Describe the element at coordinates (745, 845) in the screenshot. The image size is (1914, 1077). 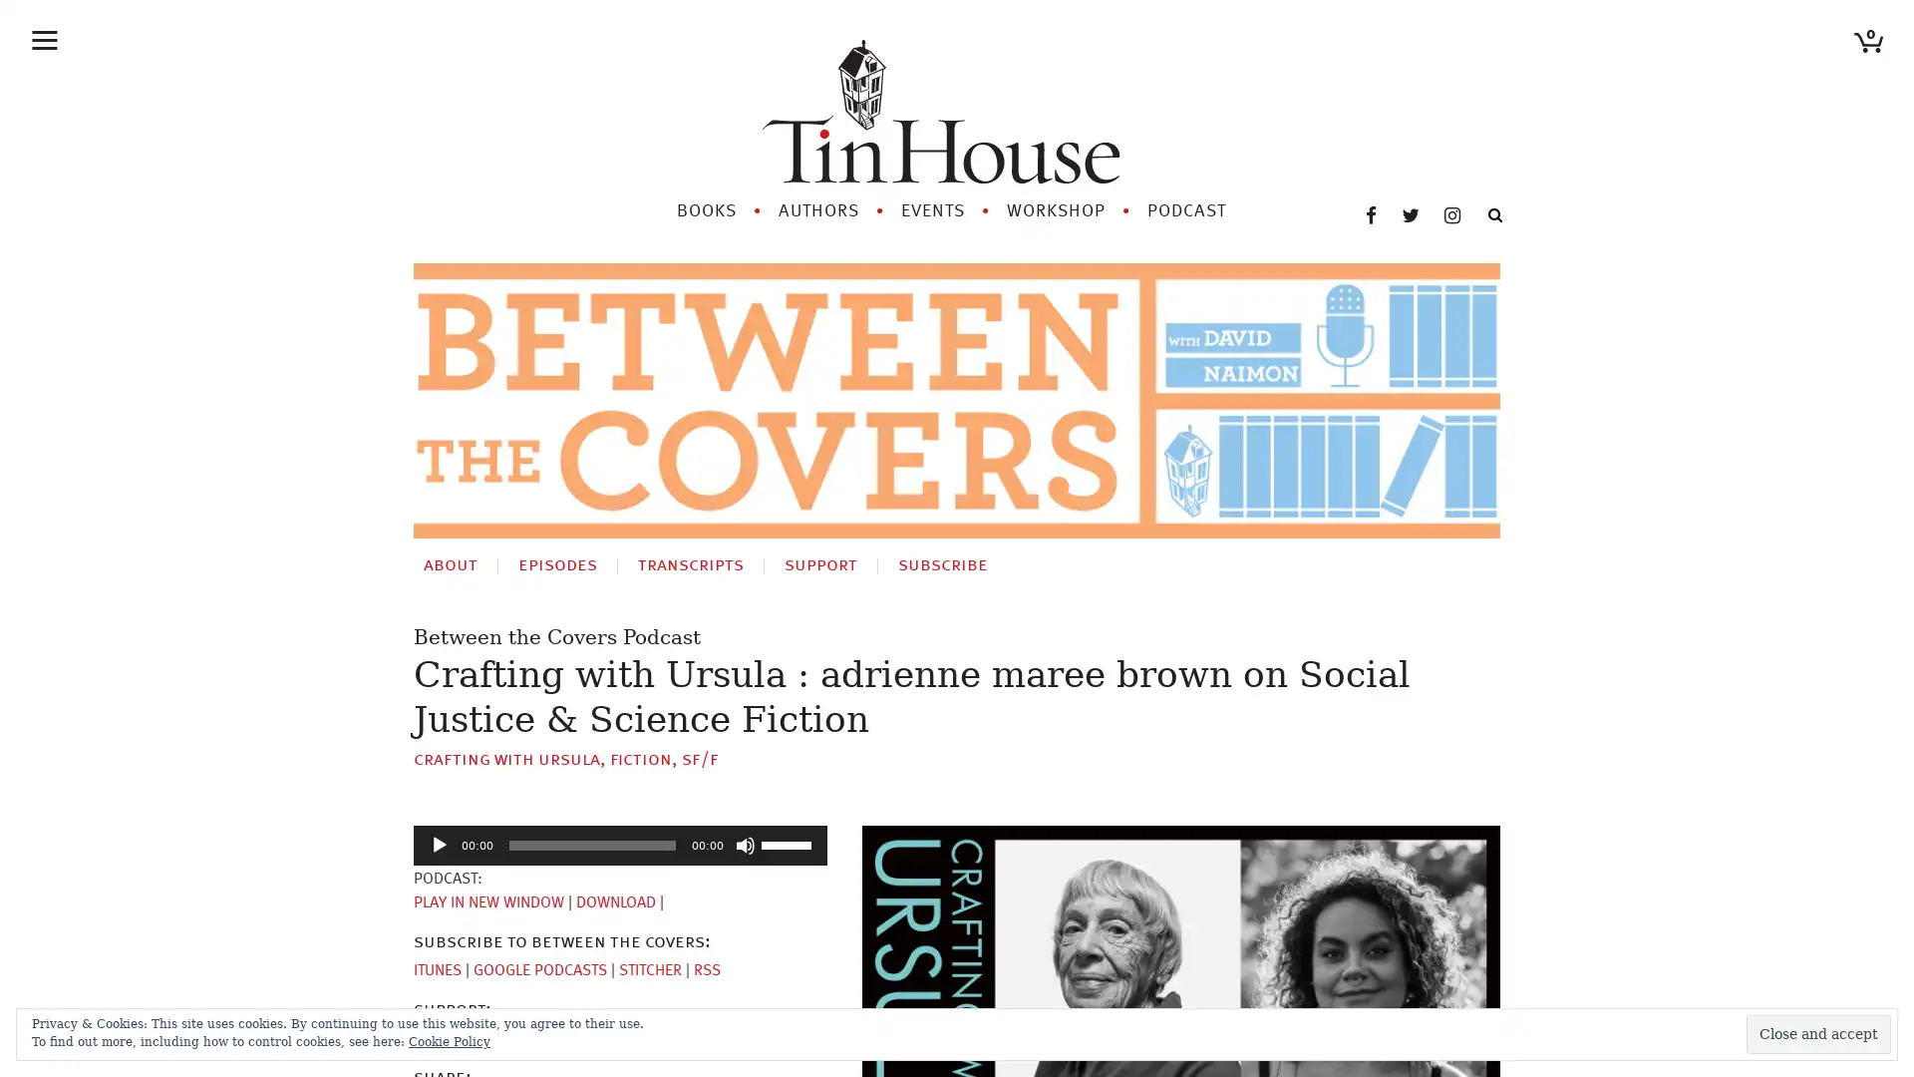
I see `Mute` at that location.